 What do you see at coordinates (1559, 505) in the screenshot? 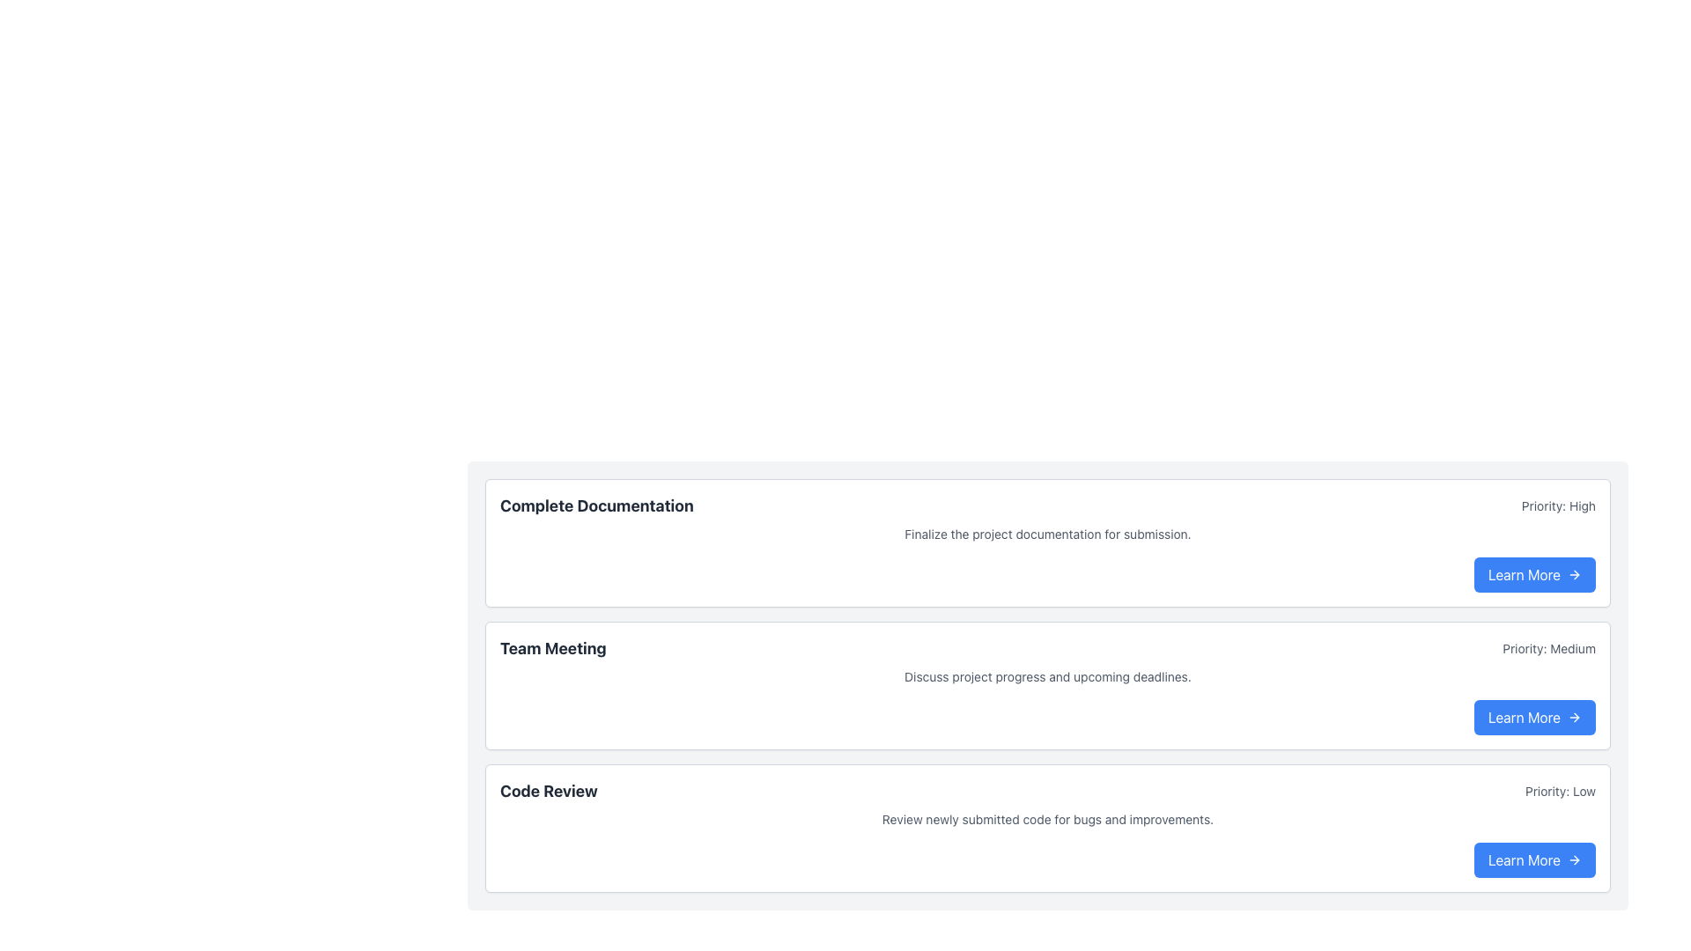
I see `the Display Text indicating the priority level in the top-right corner of the 'Complete Documentation' card` at bounding box center [1559, 505].